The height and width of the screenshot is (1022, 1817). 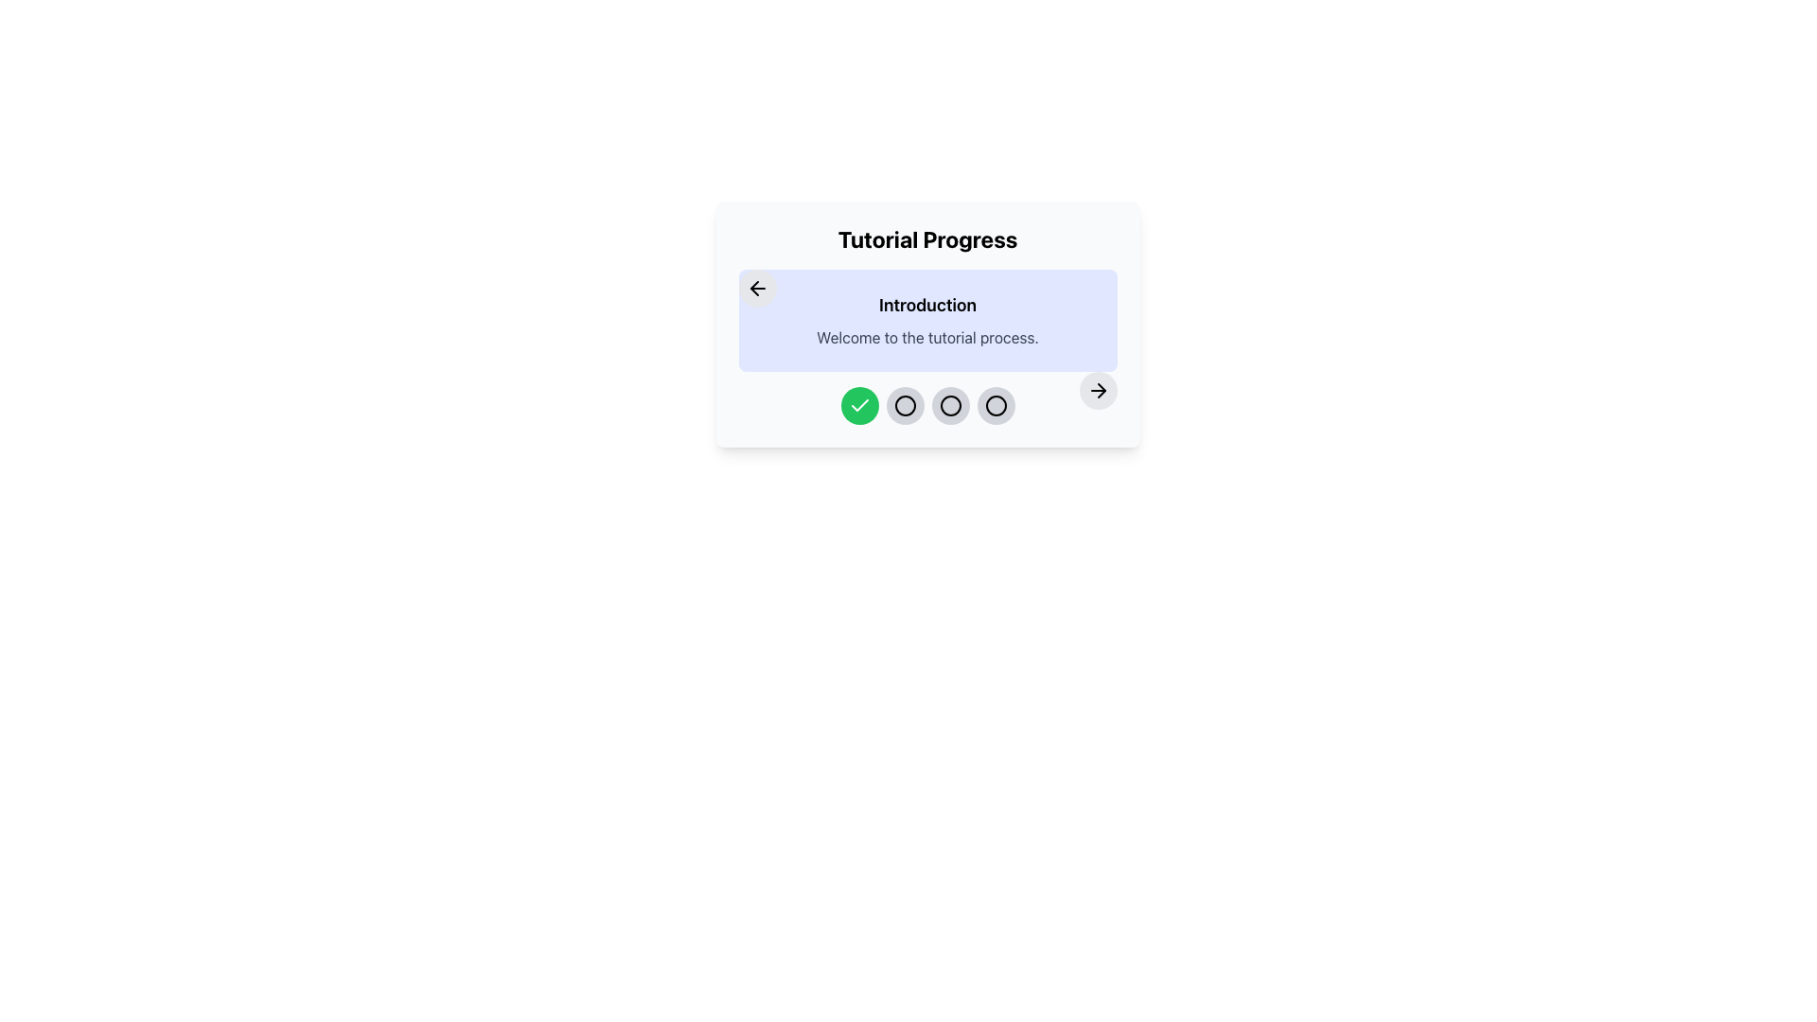 What do you see at coordinates (927, 337) in the screenshot?
I see `the text element that reads 'Welcome to the tutorial process.', which is styled in gray and located inside a rounded blue-shaded box` at bounding box center [927, 337].